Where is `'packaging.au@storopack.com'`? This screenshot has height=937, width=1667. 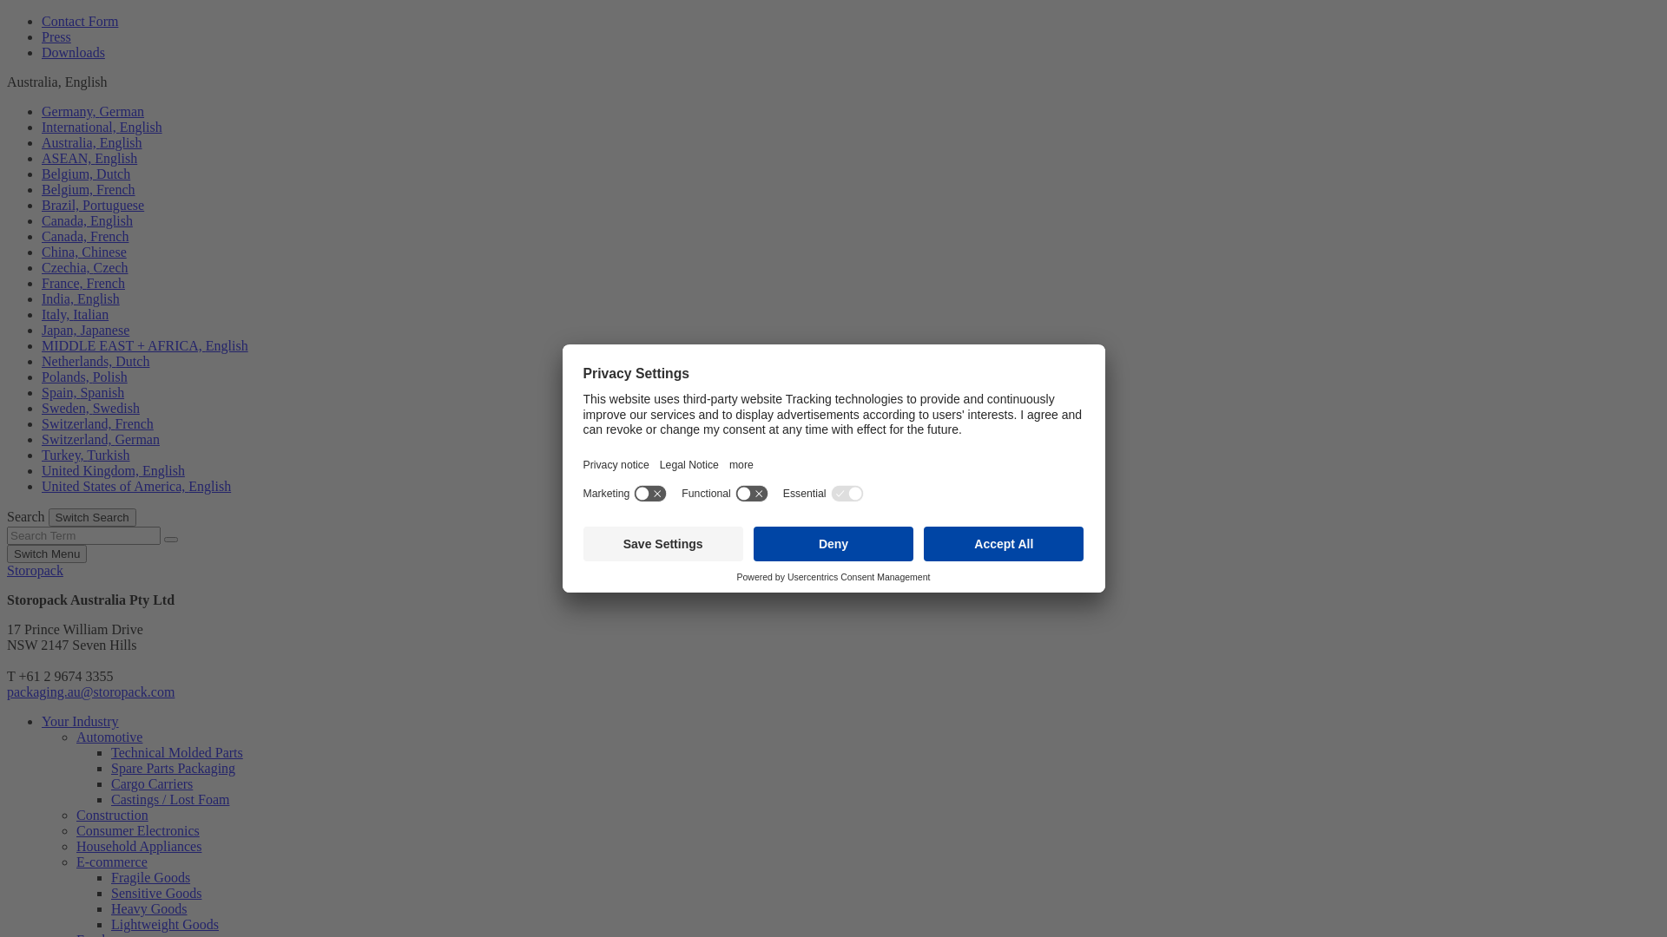 'packaging.au@storopack.com' is located at coordinates (89, 691).